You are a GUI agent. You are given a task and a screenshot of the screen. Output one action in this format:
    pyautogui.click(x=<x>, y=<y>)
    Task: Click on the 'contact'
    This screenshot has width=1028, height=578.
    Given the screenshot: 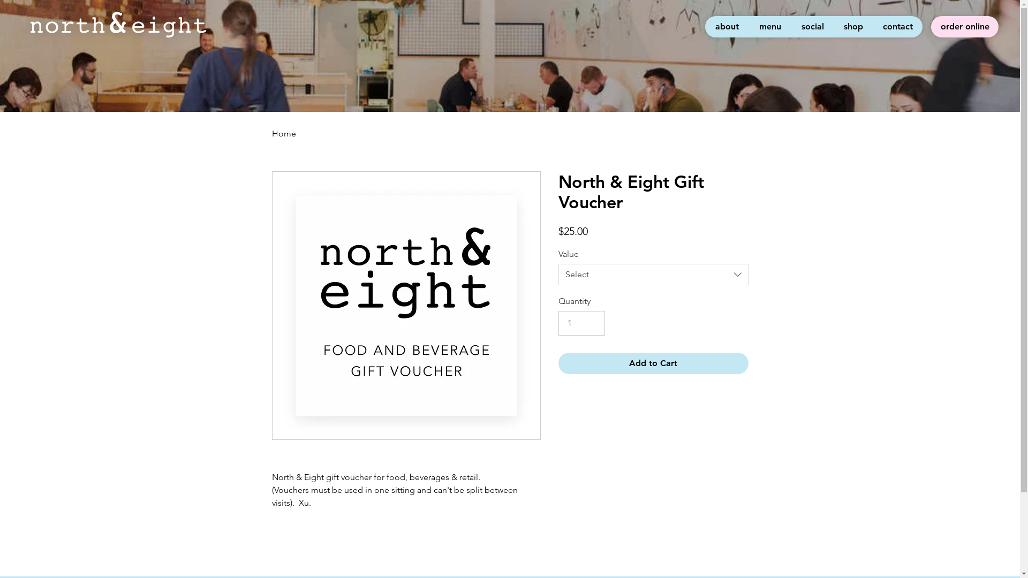 What is the action you would take?
    pyautogui.click(x=873, y=26)
    